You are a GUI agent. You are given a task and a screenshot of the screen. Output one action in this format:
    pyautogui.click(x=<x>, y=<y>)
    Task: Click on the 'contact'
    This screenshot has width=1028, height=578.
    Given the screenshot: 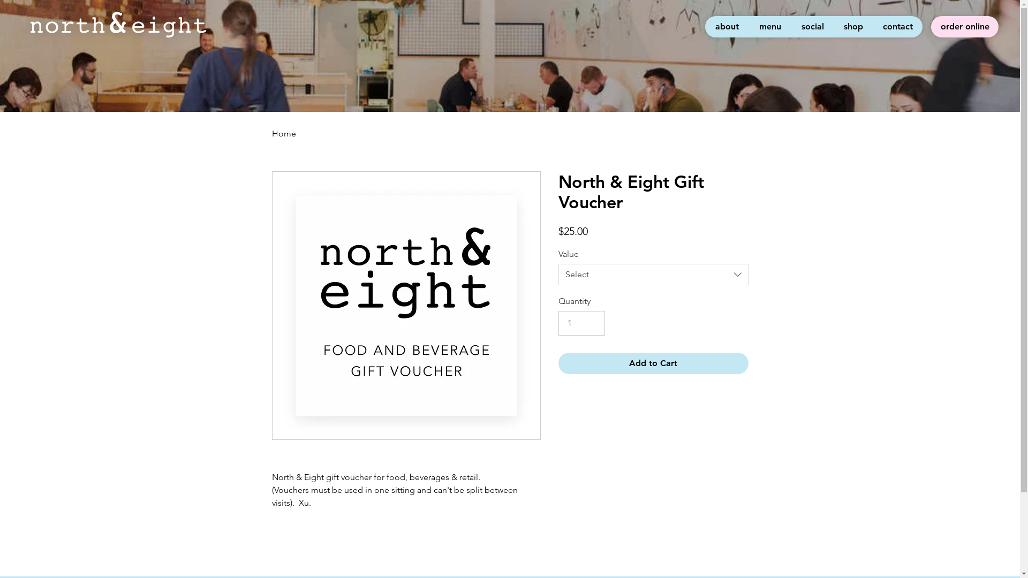 What is the action you would take?
    pyautogui.click(x=873, y=26)
    